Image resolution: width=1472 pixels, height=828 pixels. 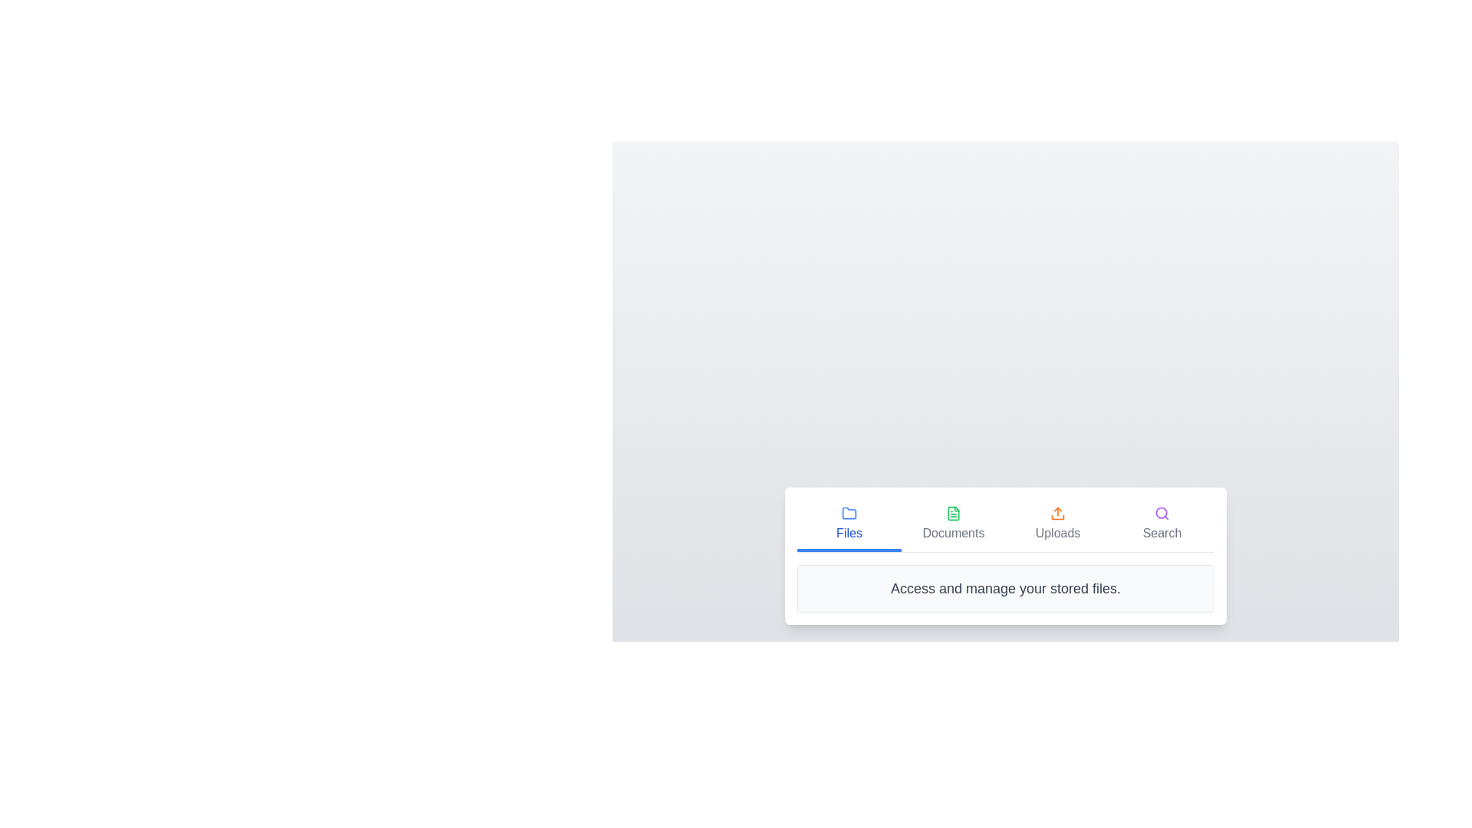 What do you see at coordinates (849, 524) in the screenshot?
I see `the tab labeled Files to view its content` at bounding box center [849, 524].